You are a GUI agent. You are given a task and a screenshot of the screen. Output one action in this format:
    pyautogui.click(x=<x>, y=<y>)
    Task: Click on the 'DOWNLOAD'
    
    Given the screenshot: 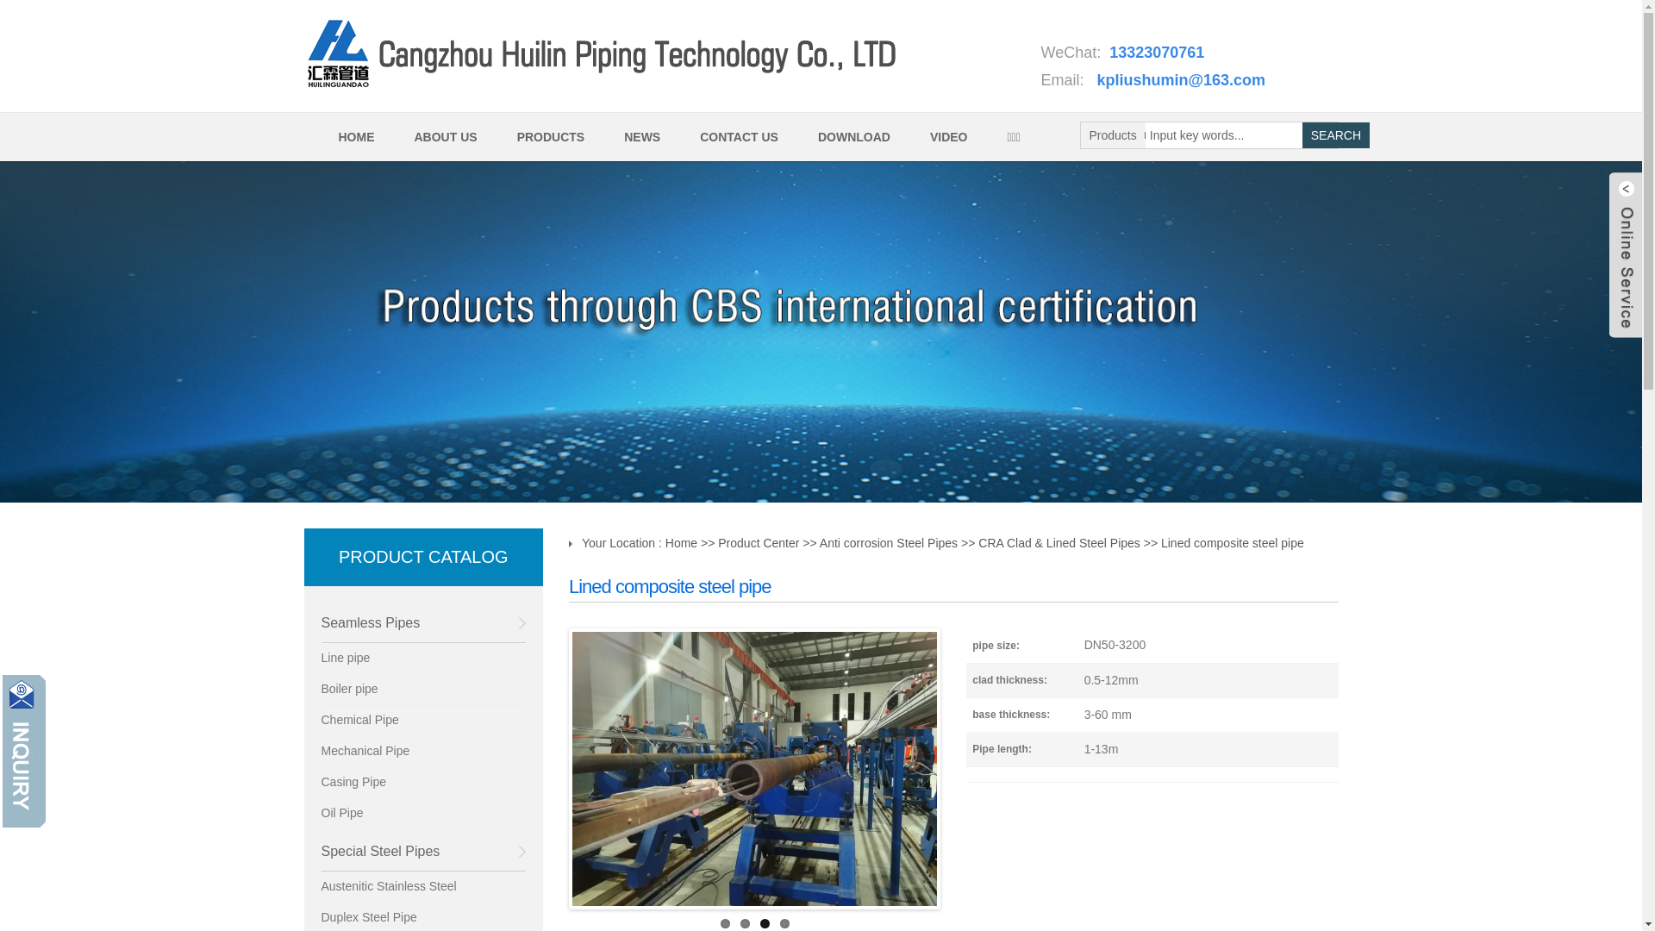 What is the action you would take?
    pyautogui.click(x=852, y=135)
    